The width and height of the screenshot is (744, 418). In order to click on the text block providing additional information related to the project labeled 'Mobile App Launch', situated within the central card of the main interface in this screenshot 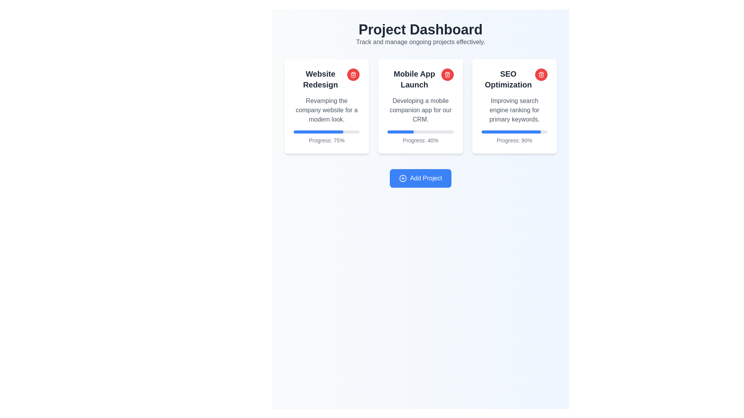, I will do `click(420, 110)`.